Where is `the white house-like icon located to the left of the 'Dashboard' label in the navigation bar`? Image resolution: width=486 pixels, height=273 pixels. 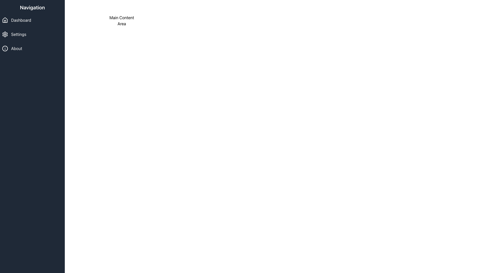
the white house-like icon located to the left of the 'Dashboard' label in the navigation bar is located at coordinates (5, 20).